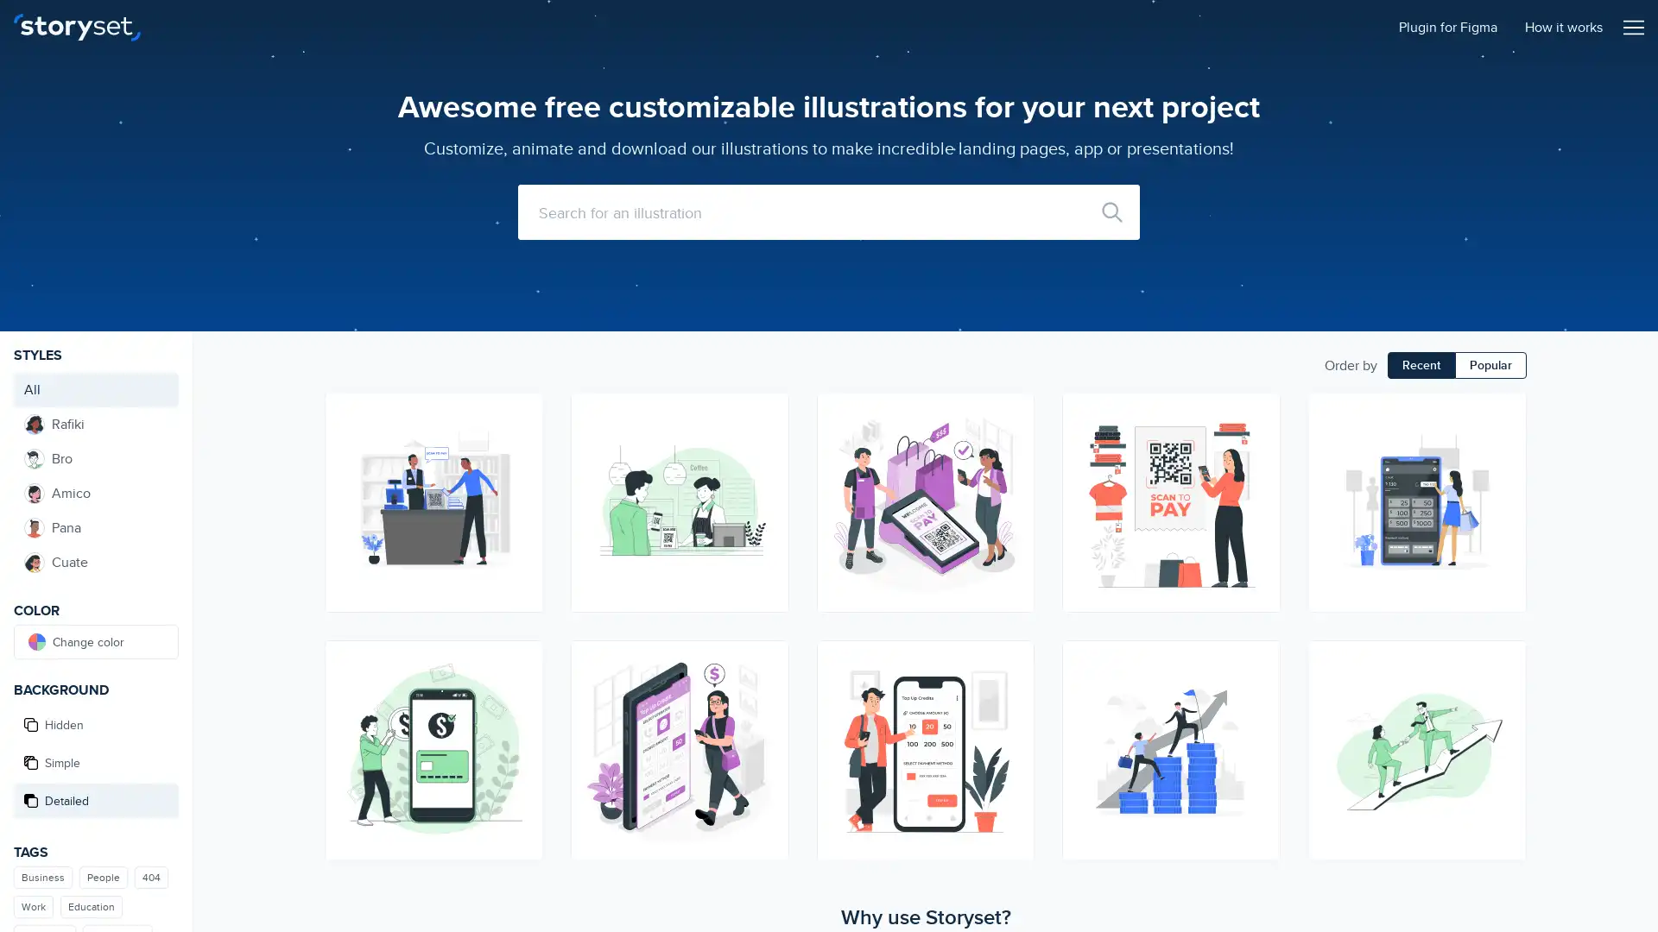 The height and width of the screenshot is (932, 1658). What do you see at coordinates (1421, 364) in the screenshot?
I see `Recent` at bounding box center [1421, 364].